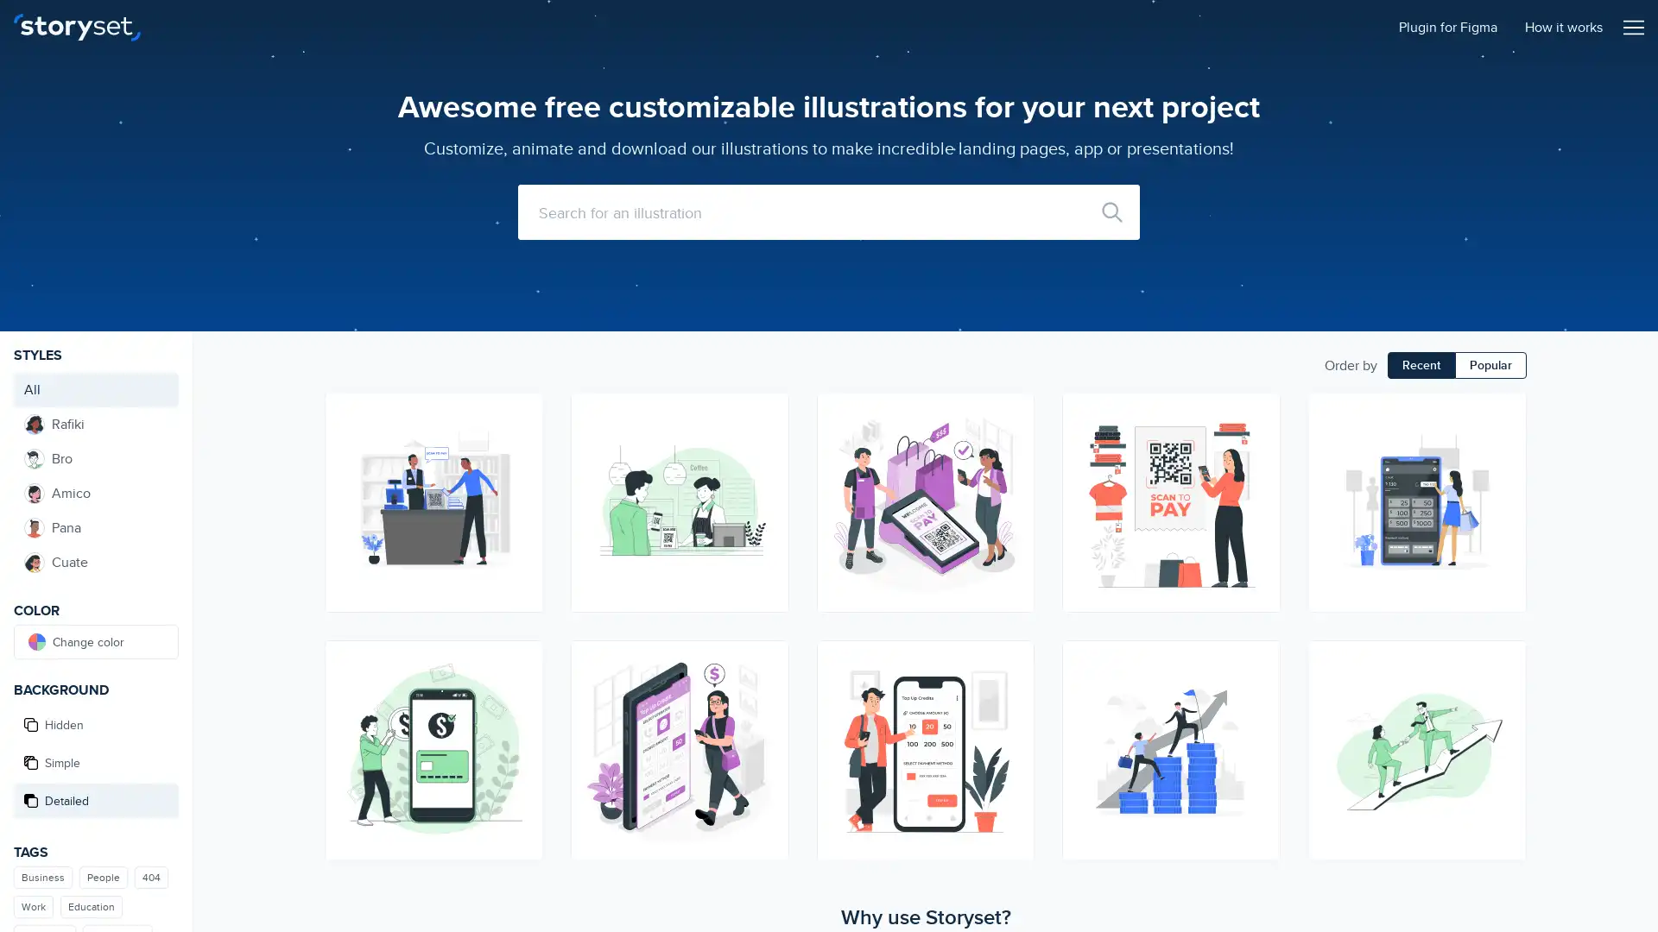 The height and width of the screenshot is (932, 1658). What do you see at coordinates (1421, 364) in the screenshot?
I see `Recent` at bounding box center [1421, 364].